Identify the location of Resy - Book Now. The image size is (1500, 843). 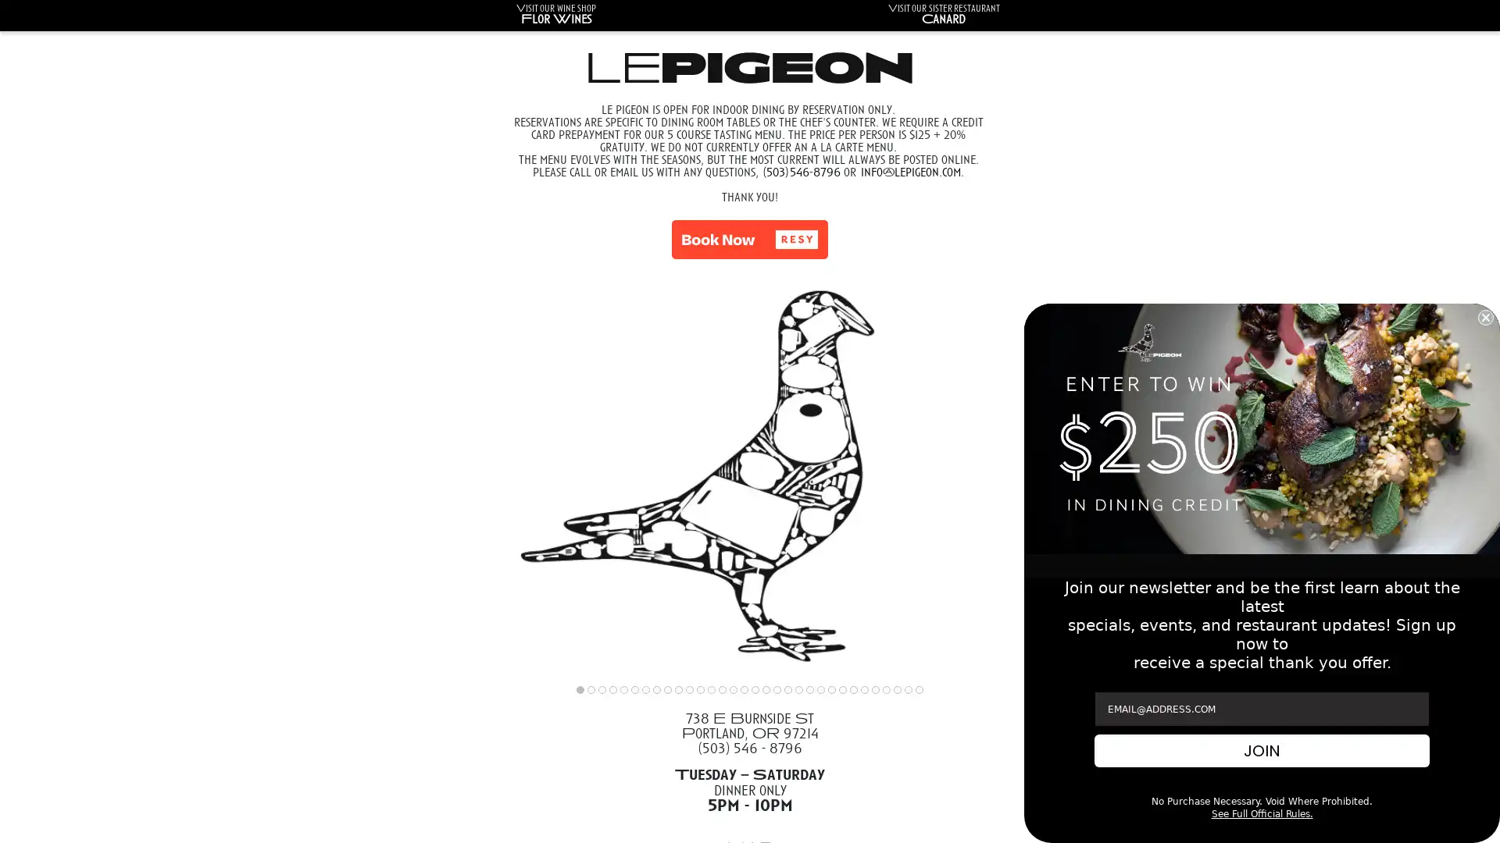
(750, 240).